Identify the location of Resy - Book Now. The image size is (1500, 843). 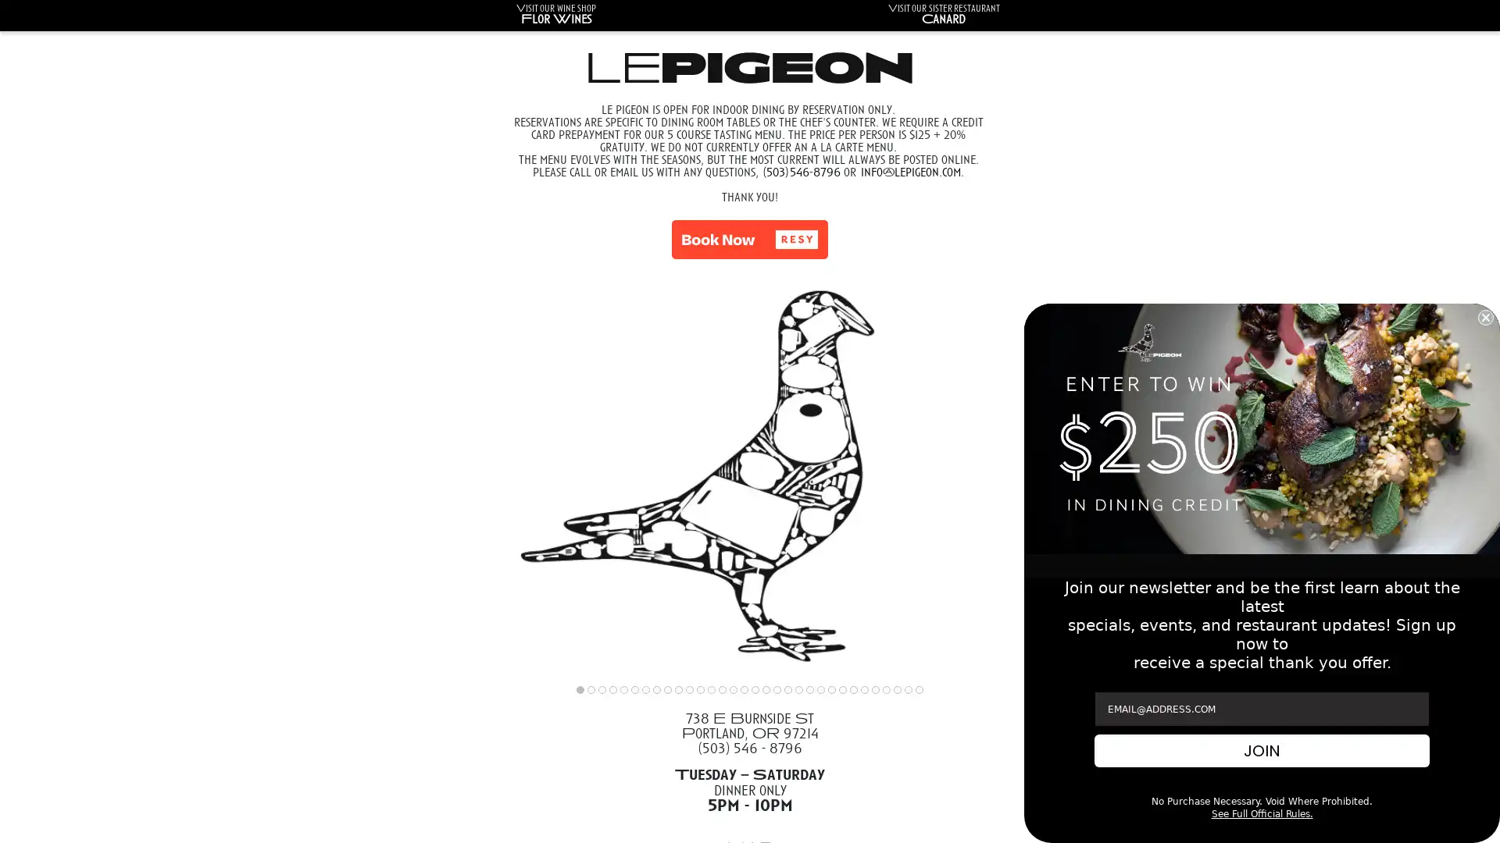
(750, 240).